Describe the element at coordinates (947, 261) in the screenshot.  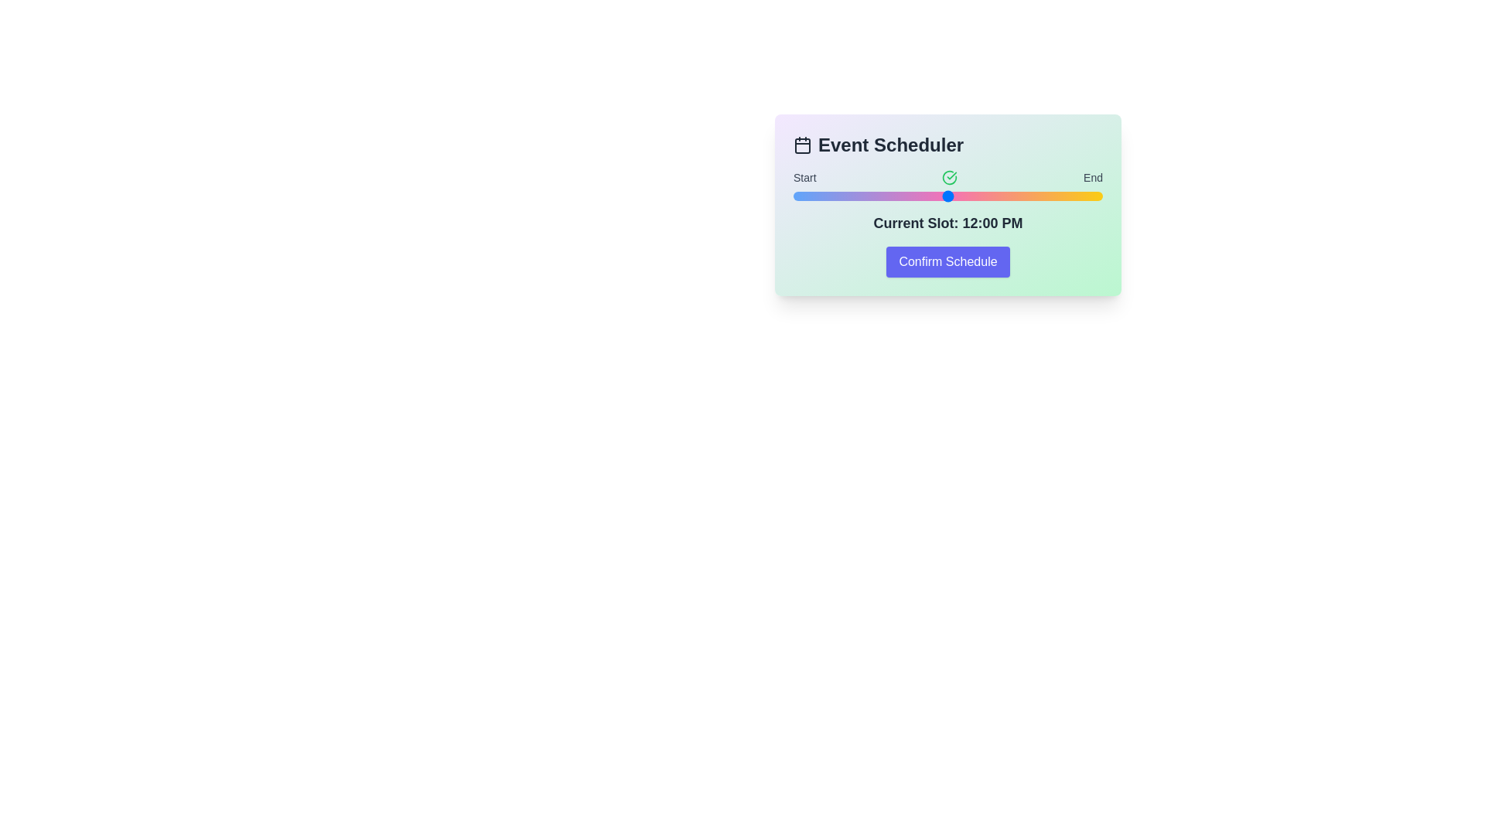
I see `the 'Confirm Schedule' button` at that location.